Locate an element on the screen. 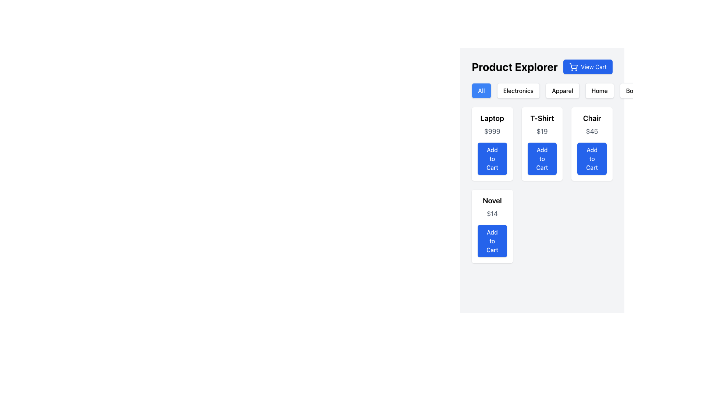  the fifth category filter button labeled 'Books' to apply the product filter is located at coordinates (634, 90).